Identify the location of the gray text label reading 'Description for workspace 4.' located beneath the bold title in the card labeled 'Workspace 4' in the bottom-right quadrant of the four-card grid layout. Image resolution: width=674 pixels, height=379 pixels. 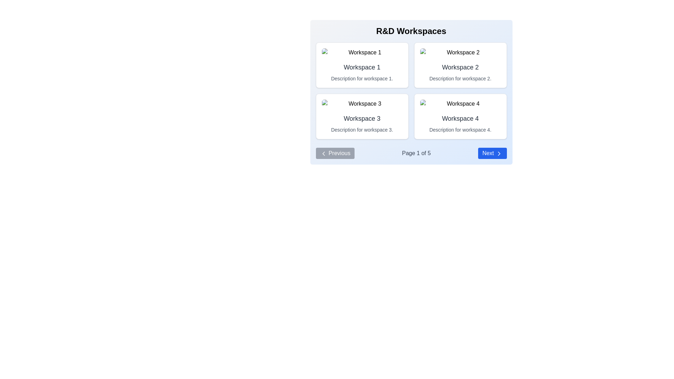
(460, 130).